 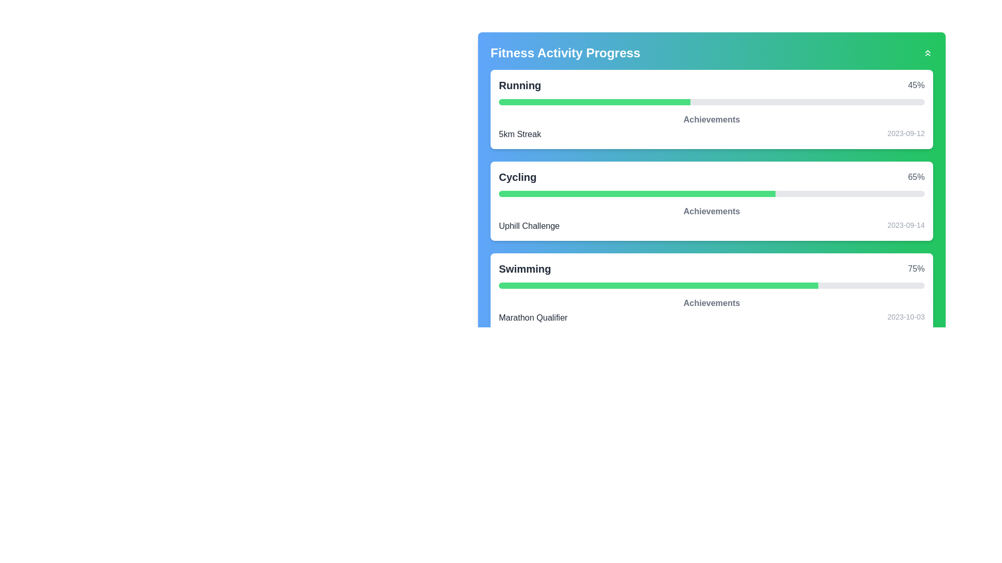 What do you see at coordinates (711, 53) in the screenshot?
I see `the adjacent icons next` at bounding box center [711, 53].